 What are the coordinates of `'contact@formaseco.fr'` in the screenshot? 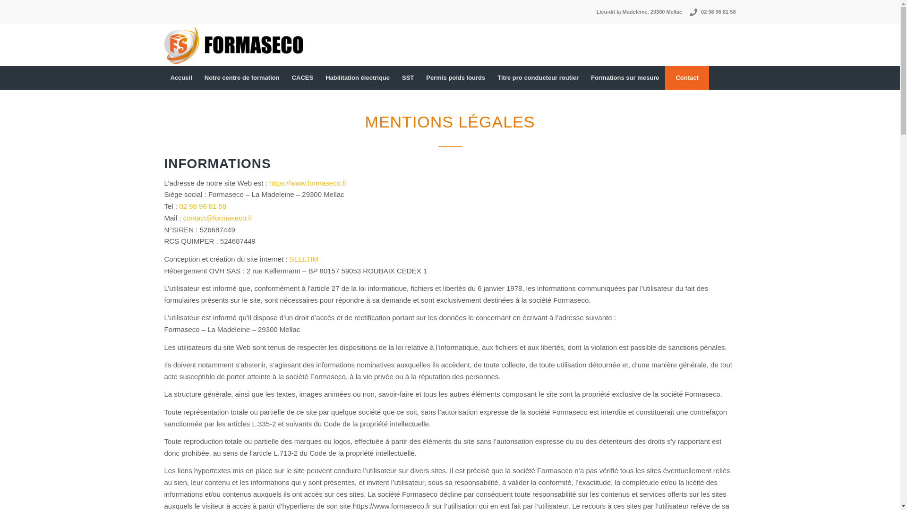 It's located at (183, 218).